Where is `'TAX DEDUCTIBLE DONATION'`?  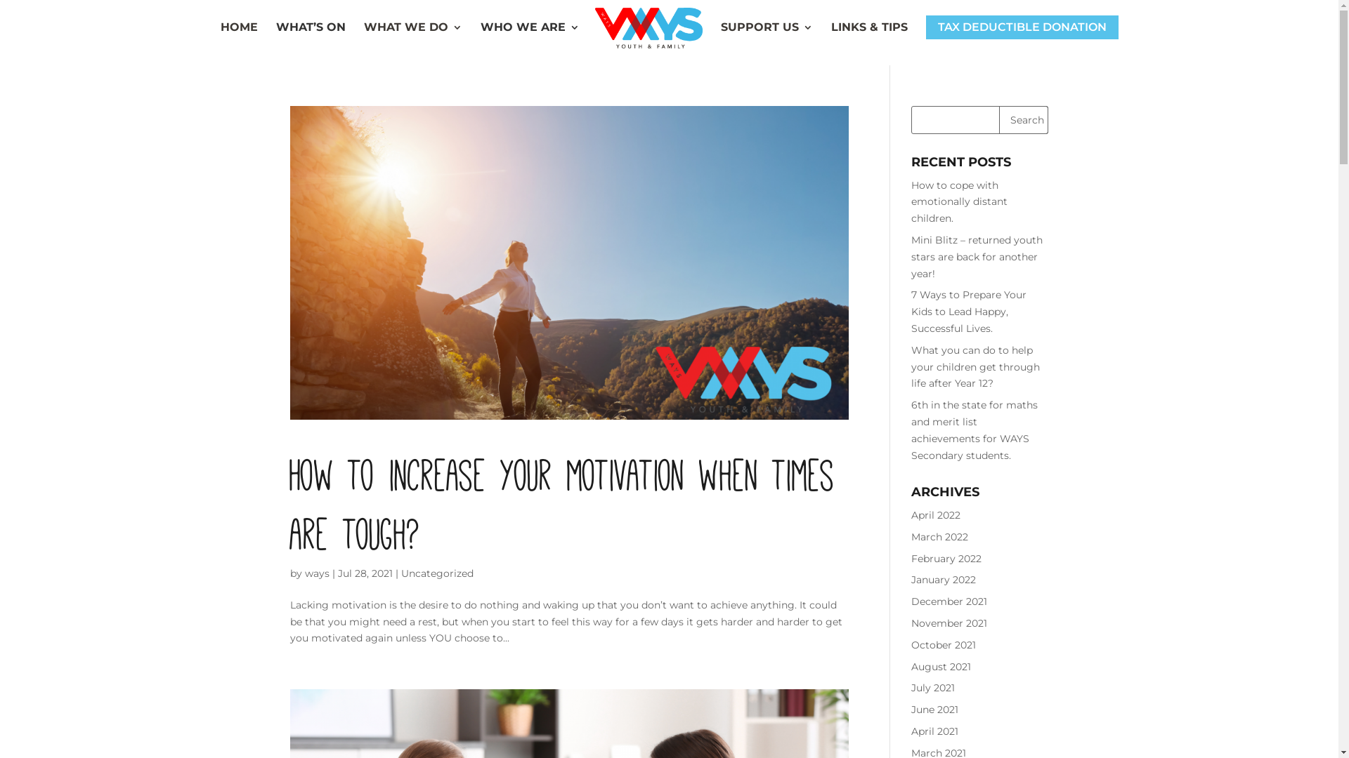
'TAX DEDUCTIBLE DONATION' is located at coordinates (1022, 39).